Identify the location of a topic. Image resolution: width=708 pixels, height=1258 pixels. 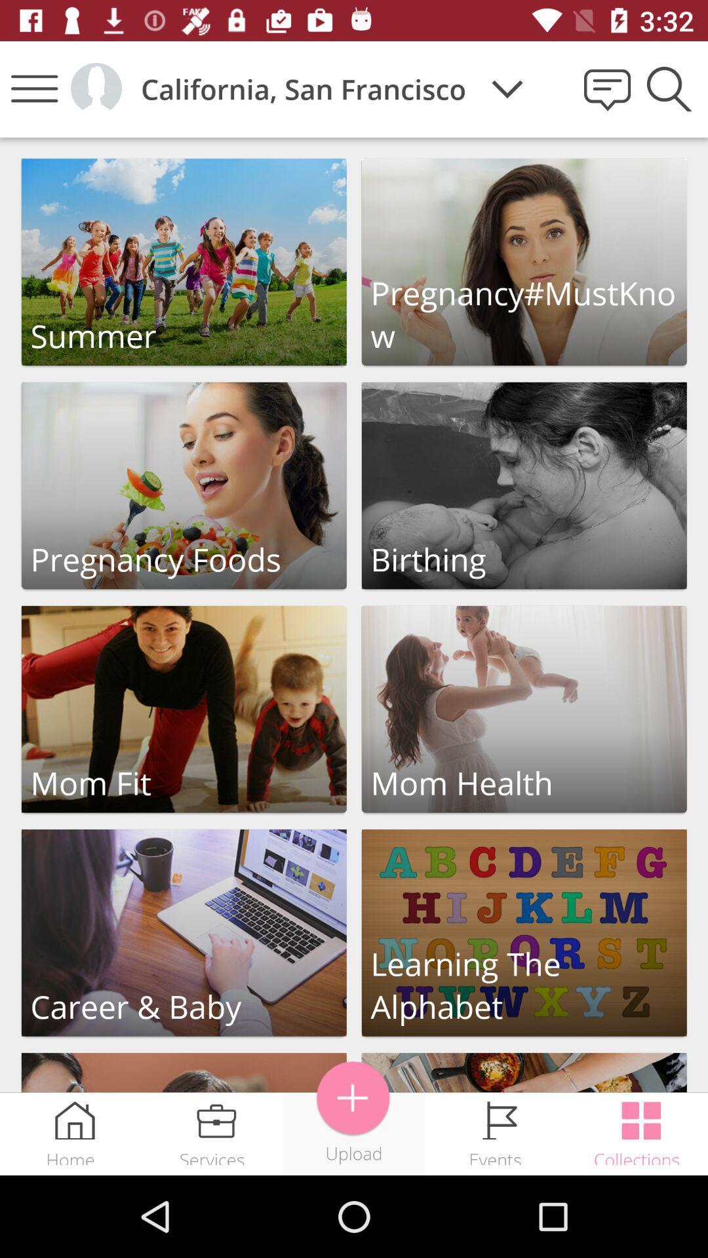
(353, 1098).